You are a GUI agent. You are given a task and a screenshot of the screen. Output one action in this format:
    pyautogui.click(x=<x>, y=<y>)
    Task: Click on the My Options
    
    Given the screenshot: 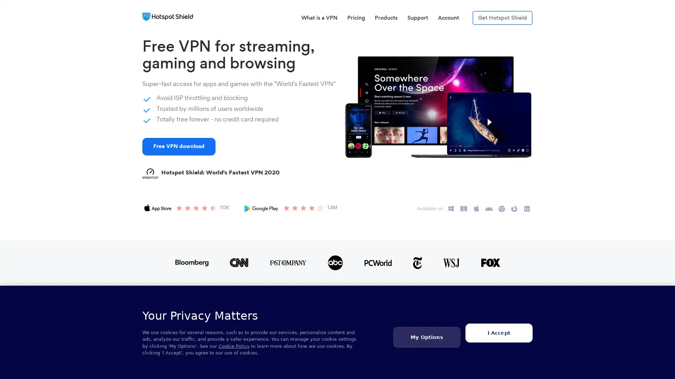 What is the action you would take?
    pyautogui.click(x=426, y=337)
    